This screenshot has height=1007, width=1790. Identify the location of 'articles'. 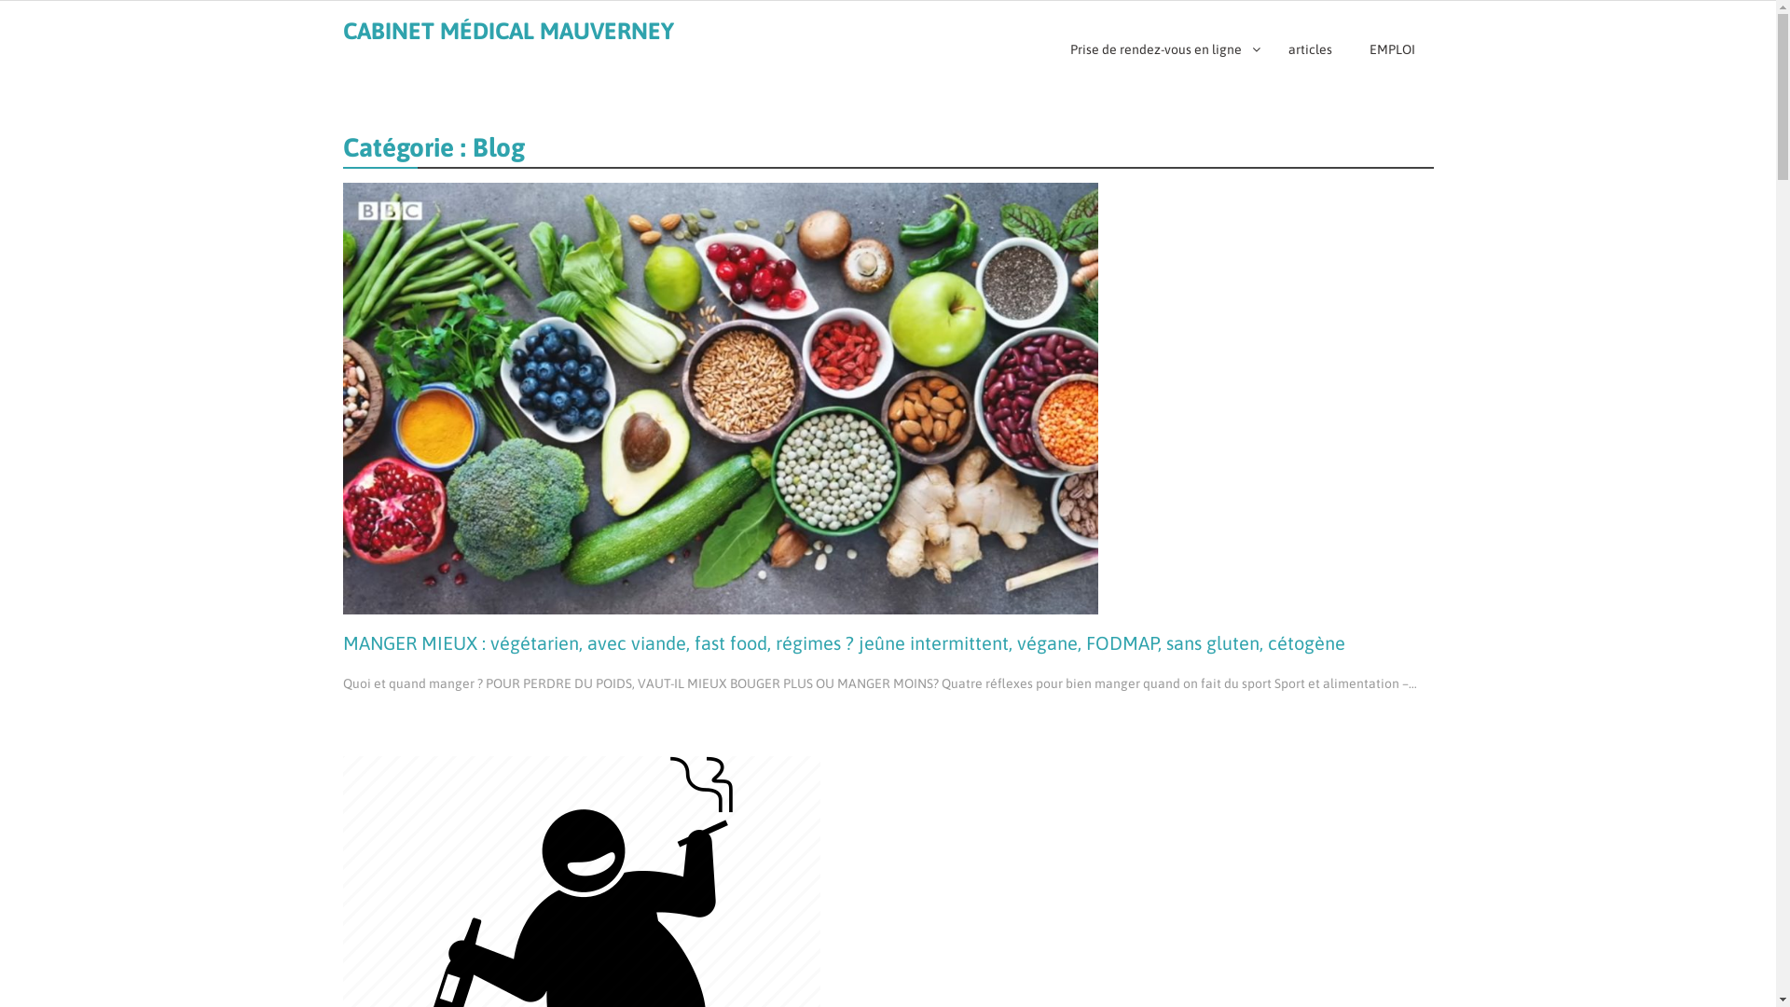
(1309, 48).